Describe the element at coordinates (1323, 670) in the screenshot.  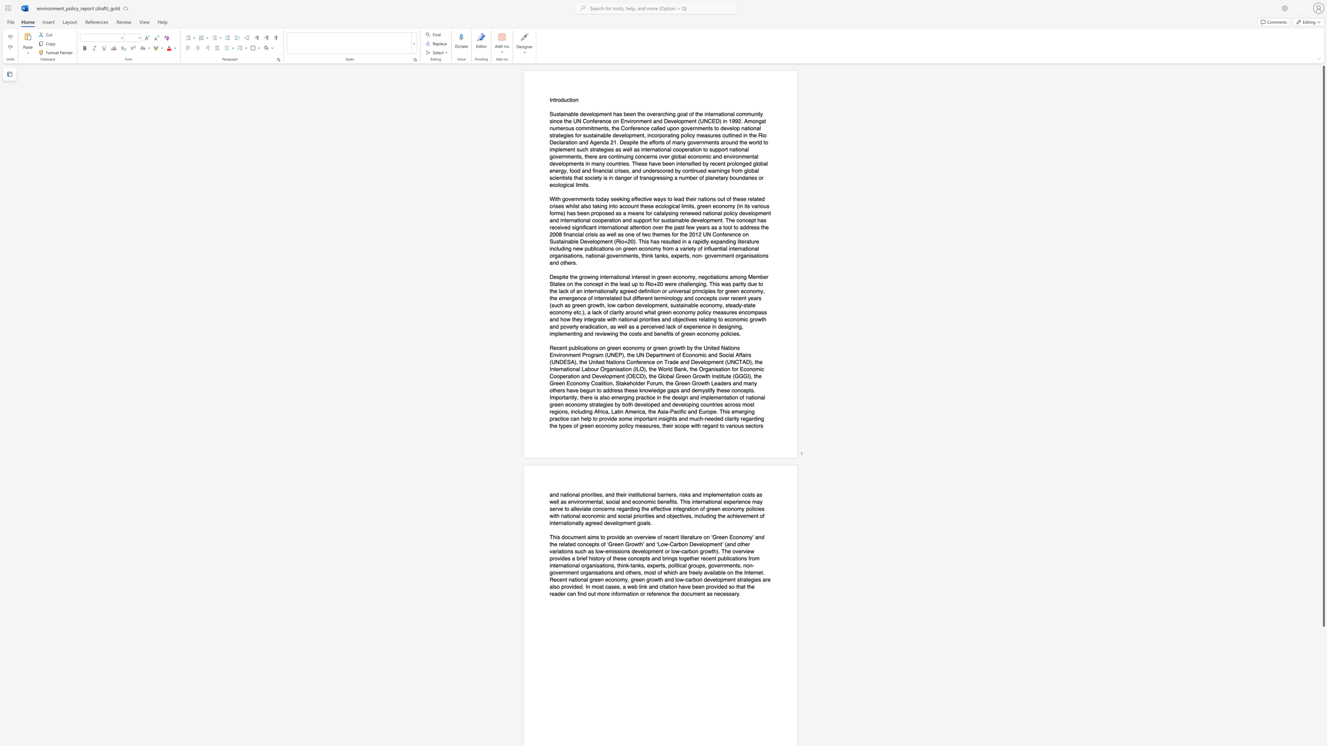
I see `the scrollbar to move the page downward` at that location.